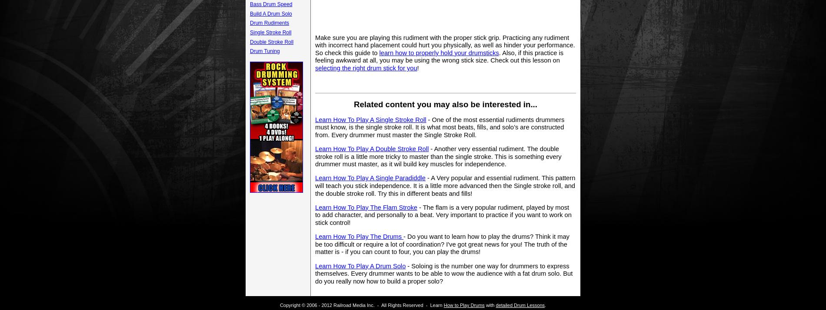  I want to click on 'Double Stroke Roll', so click(271, 41).